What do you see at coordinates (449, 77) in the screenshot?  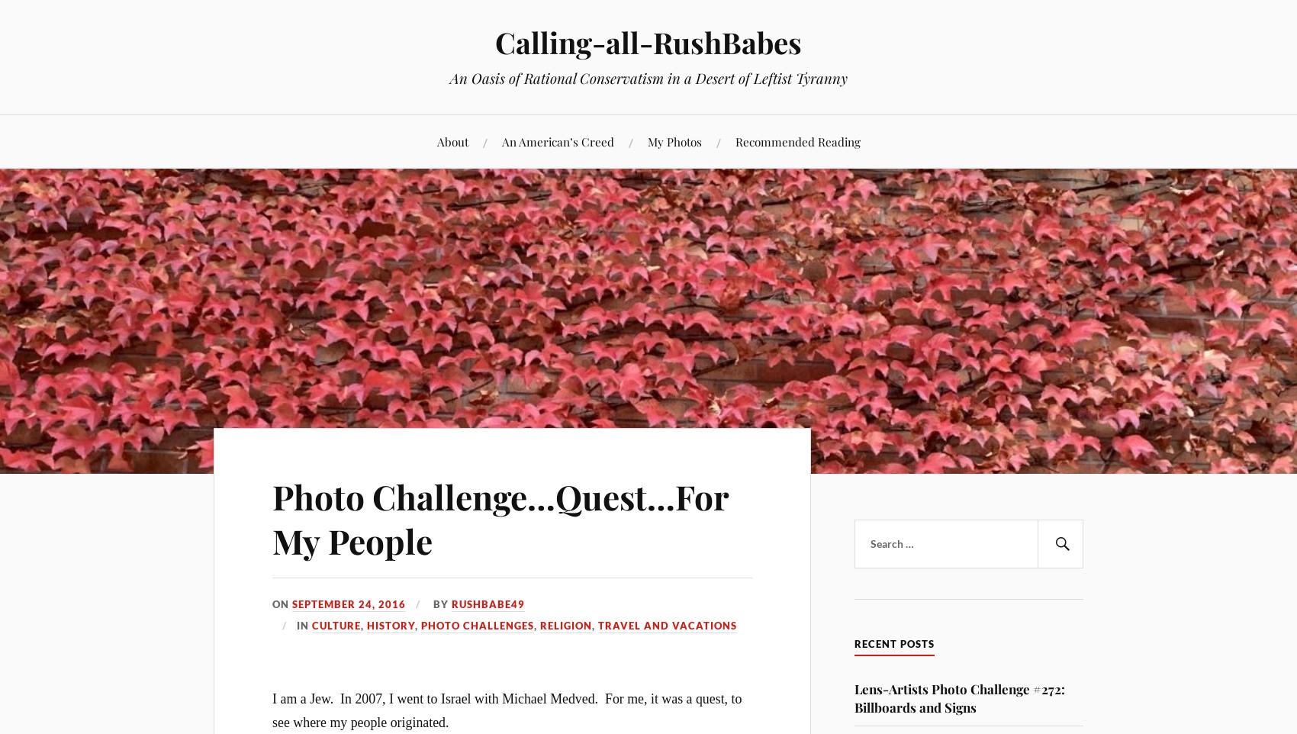 I see `'An Oasis of Rational Conservatism in a Desert of Leftist Tyranny'` at bounding box center [449, 77].